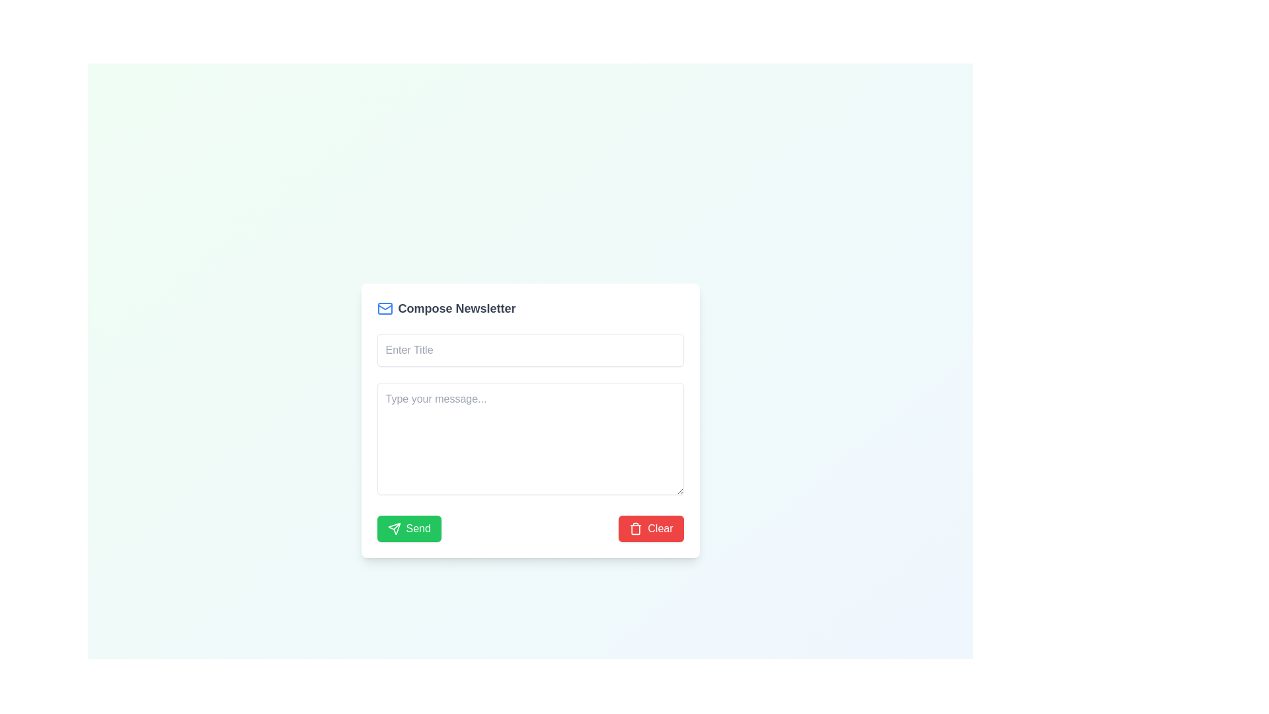  I want to click on the triangular-shaped icon with sharp edges located within the green 'Send' button at the bottom-left corner of the 'Compose Newsletter' form, so click(393, 528).